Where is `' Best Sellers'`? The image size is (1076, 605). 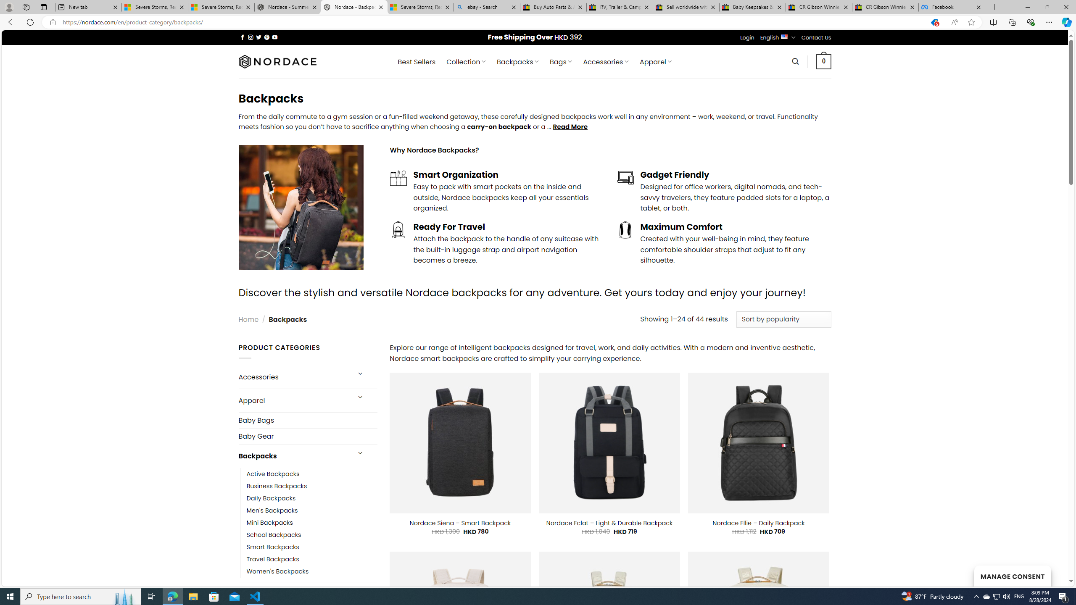 ' Best Sellers' is located at coordinates (417, 61).